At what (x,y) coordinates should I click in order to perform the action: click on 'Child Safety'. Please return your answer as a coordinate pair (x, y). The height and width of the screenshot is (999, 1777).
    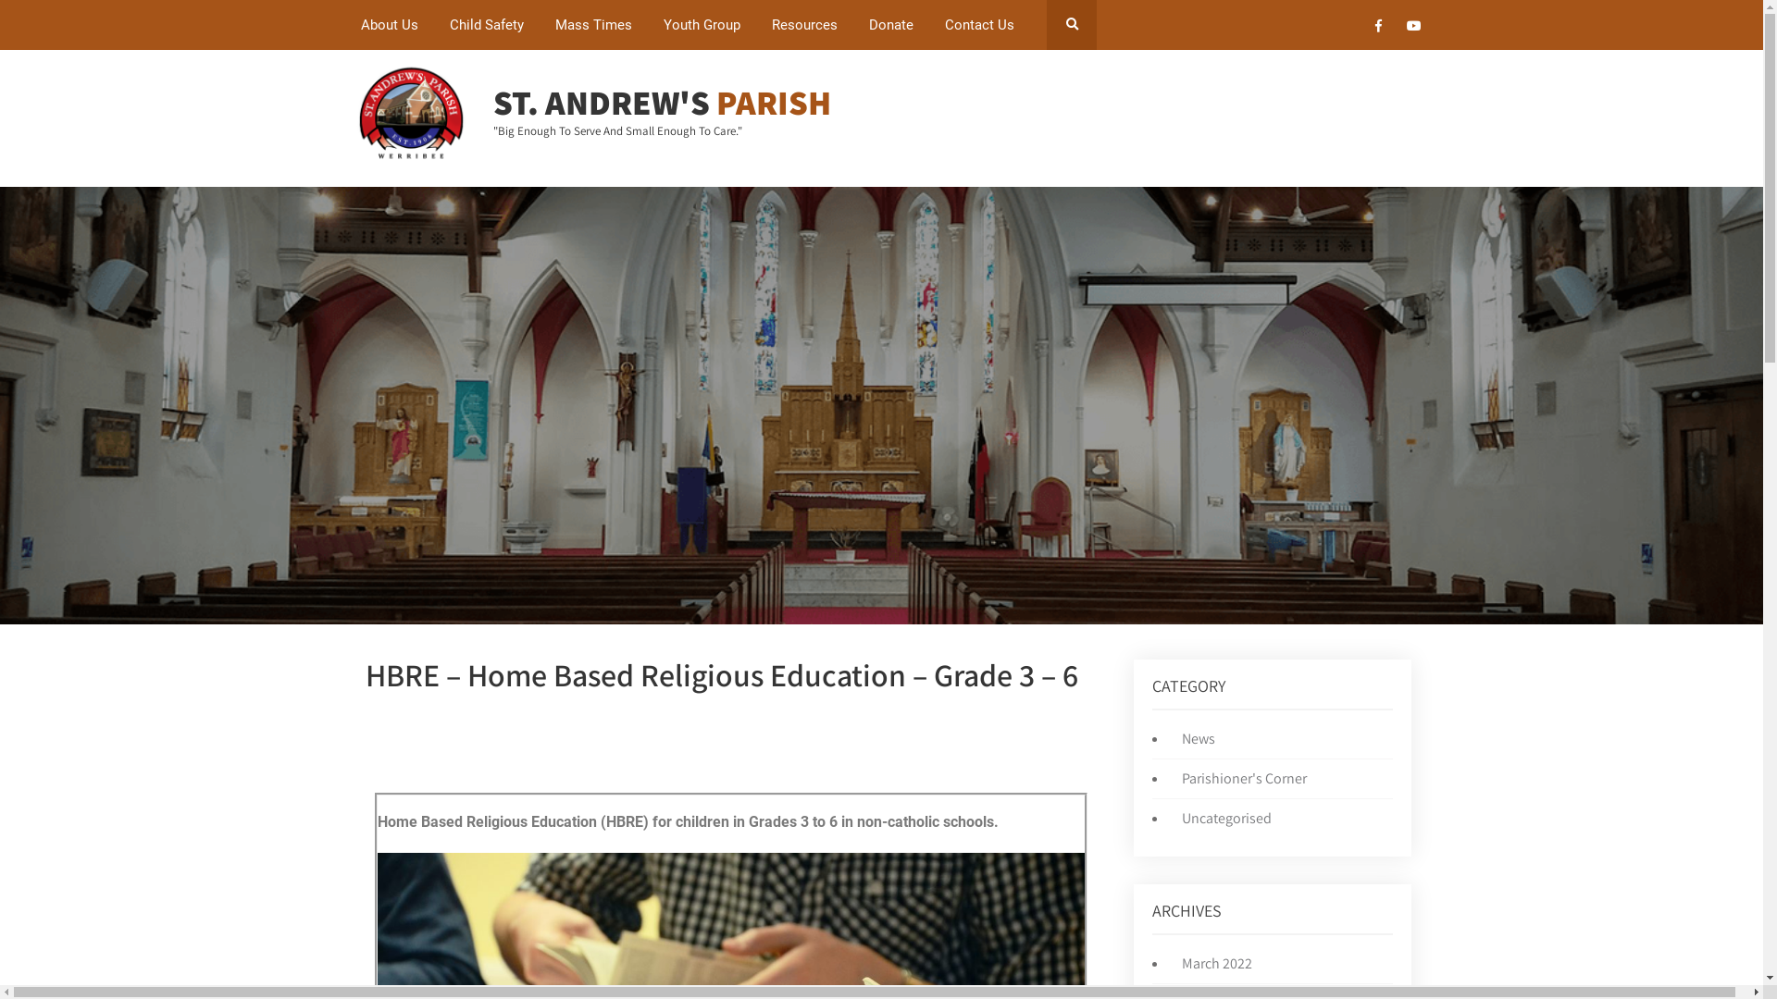
    Looking at the image, I should click on (487, 25).